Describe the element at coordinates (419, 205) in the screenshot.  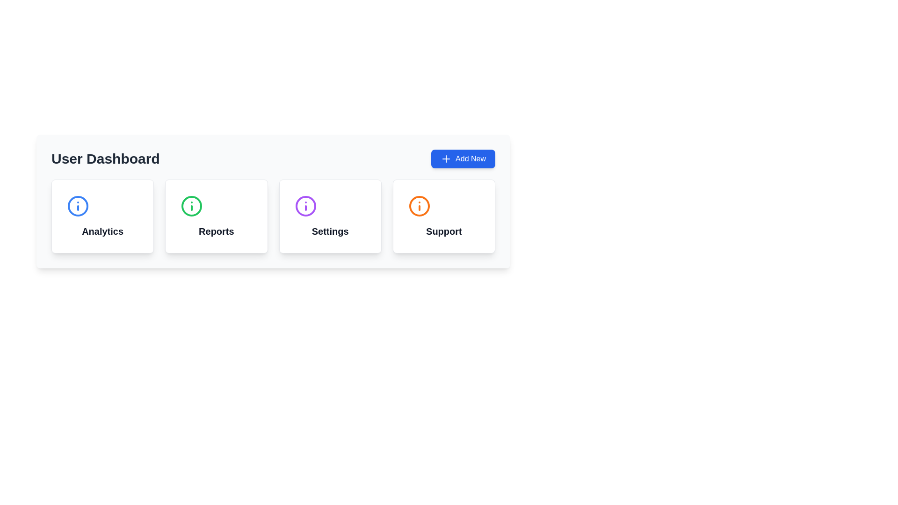
I see `the information icon located in the 'Support' section of the dashboard` at that location.